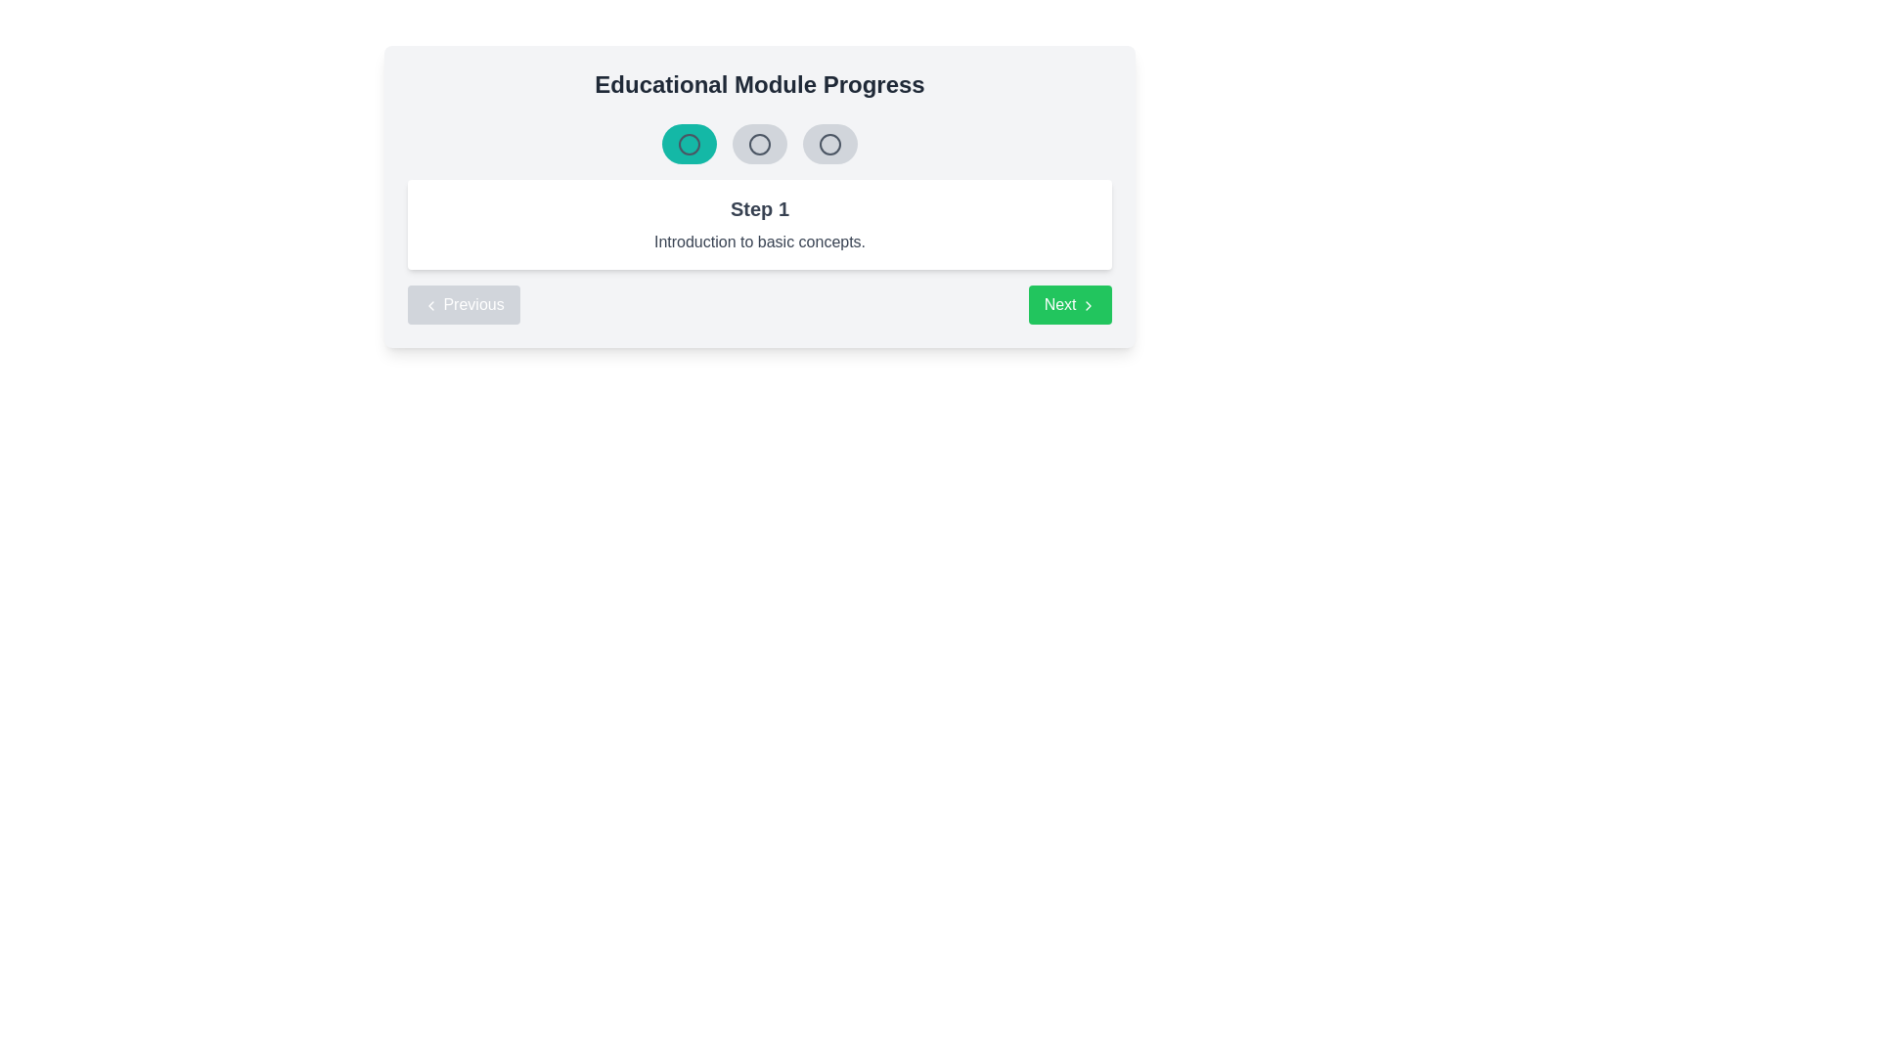  What do you see at coordinates (759, 143) in the screenshot?
I see `the second circular progress indicator icon with a gray outline in the 'Educational Module Progress' section` at bounding box center [759, 143].